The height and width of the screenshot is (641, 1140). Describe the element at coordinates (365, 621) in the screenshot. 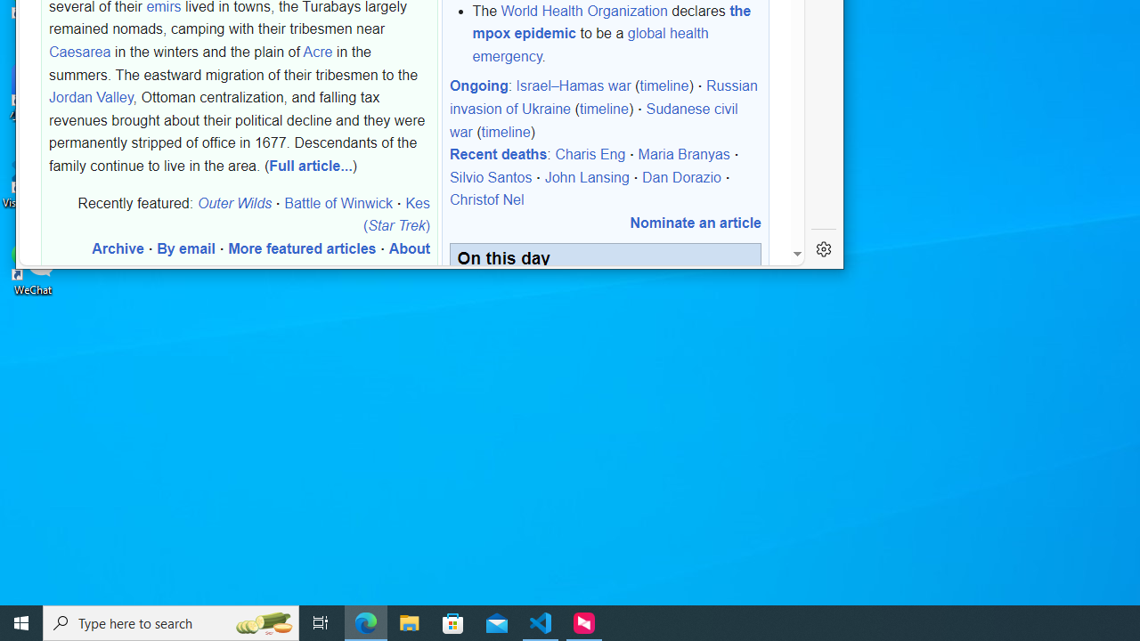

I see `'Microsoft Edge - 1 running window'` at that location.